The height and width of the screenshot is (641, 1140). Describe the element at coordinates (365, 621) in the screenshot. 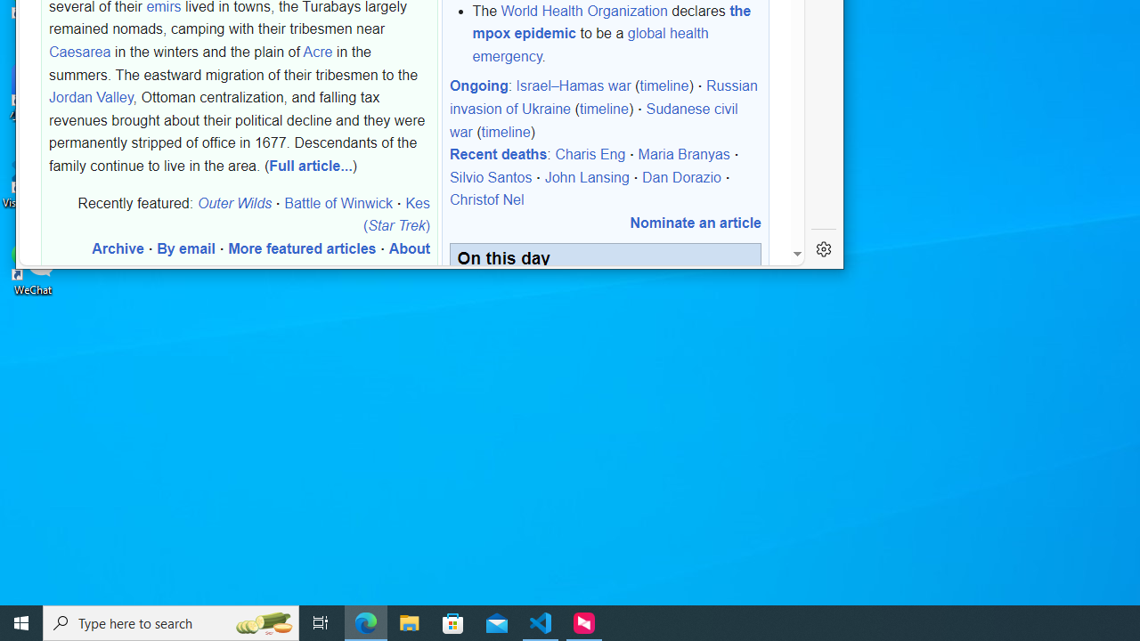

I see `'Microsoft Edge - 1 running window'` at that location.